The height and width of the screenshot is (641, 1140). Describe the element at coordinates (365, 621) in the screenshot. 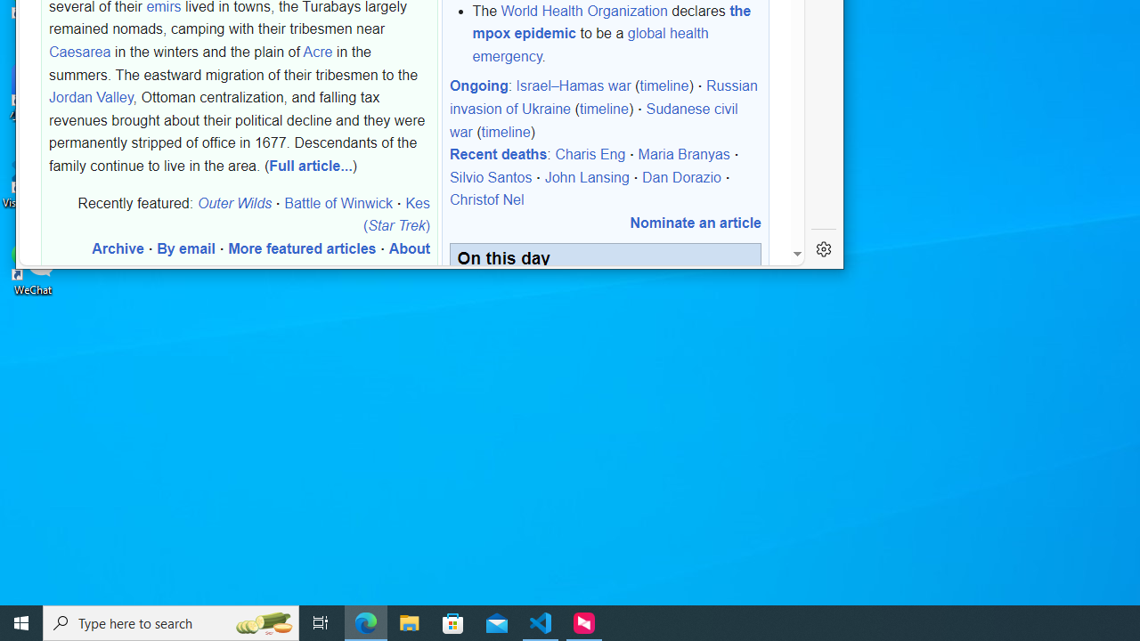

I see `'Microsoft Edge - 1 running window'` at that location.